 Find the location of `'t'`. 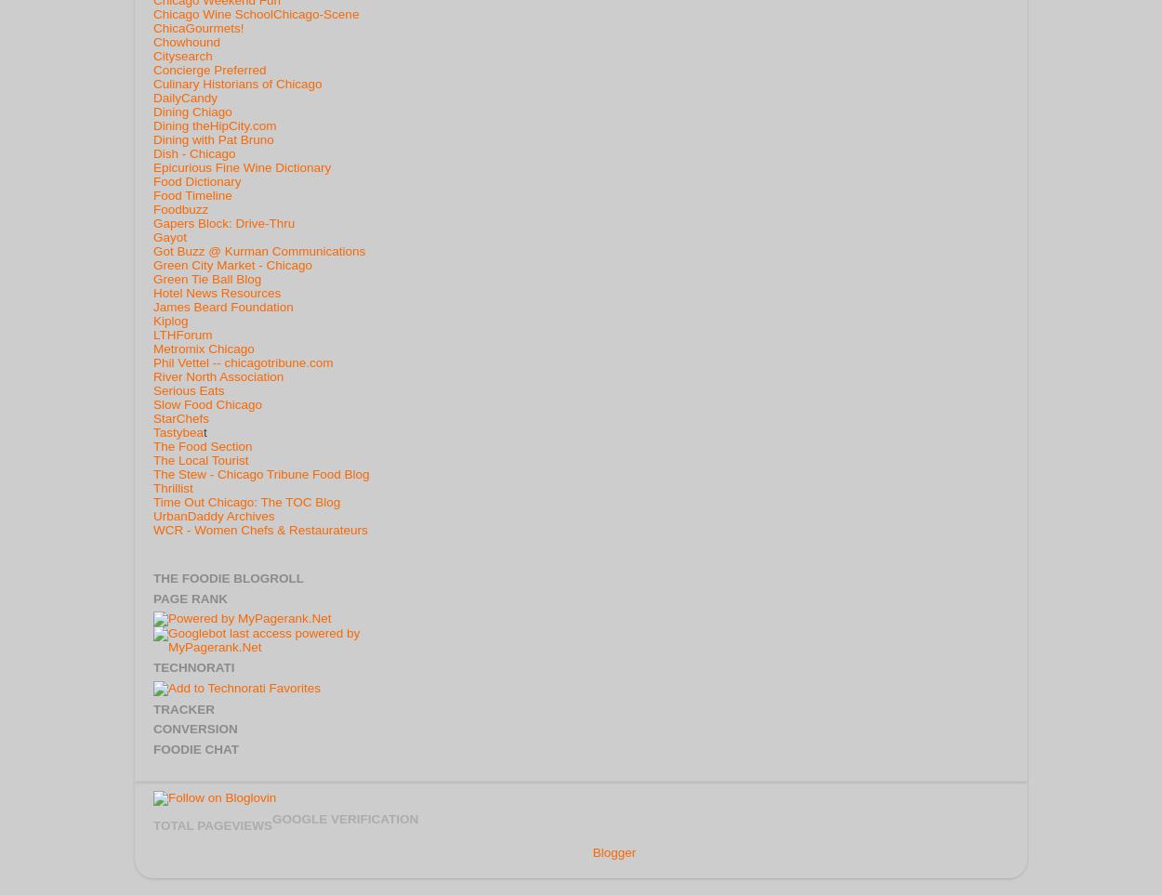

't' is located at coordinates (204, 431).